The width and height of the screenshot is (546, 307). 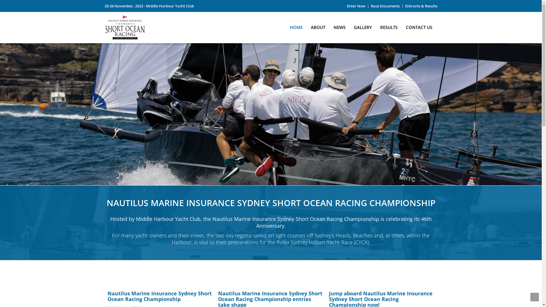 I want to click on 'GALLERY', so click(x=363, y=26).